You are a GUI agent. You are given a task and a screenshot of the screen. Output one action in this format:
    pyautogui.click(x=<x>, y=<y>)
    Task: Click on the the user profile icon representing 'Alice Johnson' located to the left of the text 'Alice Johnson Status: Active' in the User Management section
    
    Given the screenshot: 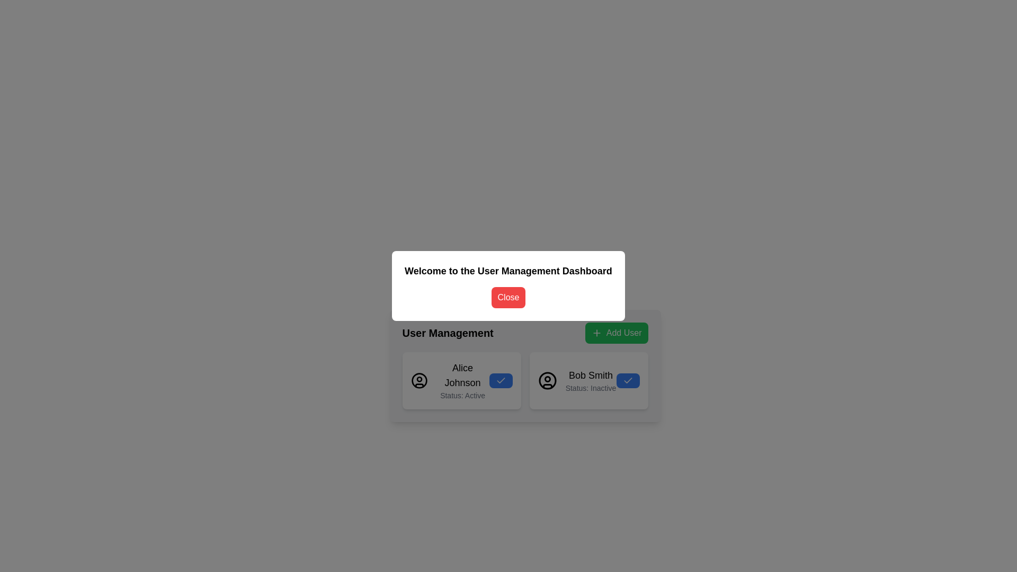 What is the action you would take?
    pyautogui.click(x=418, y=380)
    